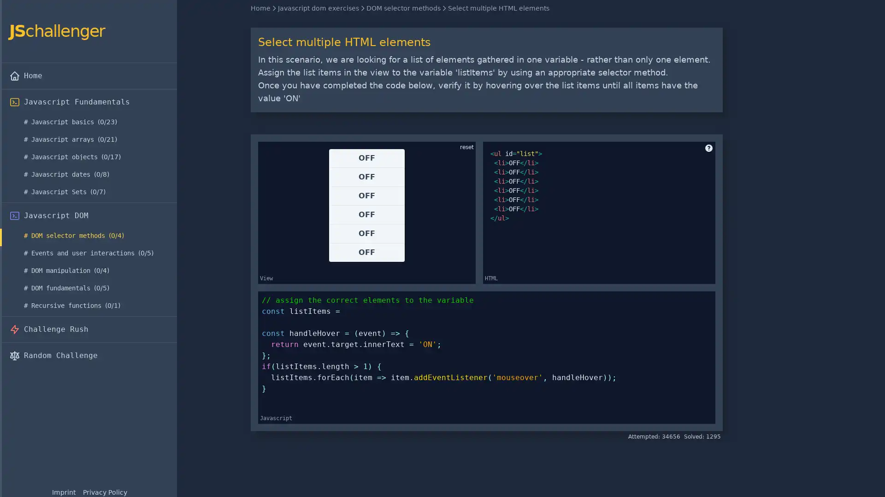 The width and height of the screenshot is (885, 497). I want to click on reset, so click(466, 147).